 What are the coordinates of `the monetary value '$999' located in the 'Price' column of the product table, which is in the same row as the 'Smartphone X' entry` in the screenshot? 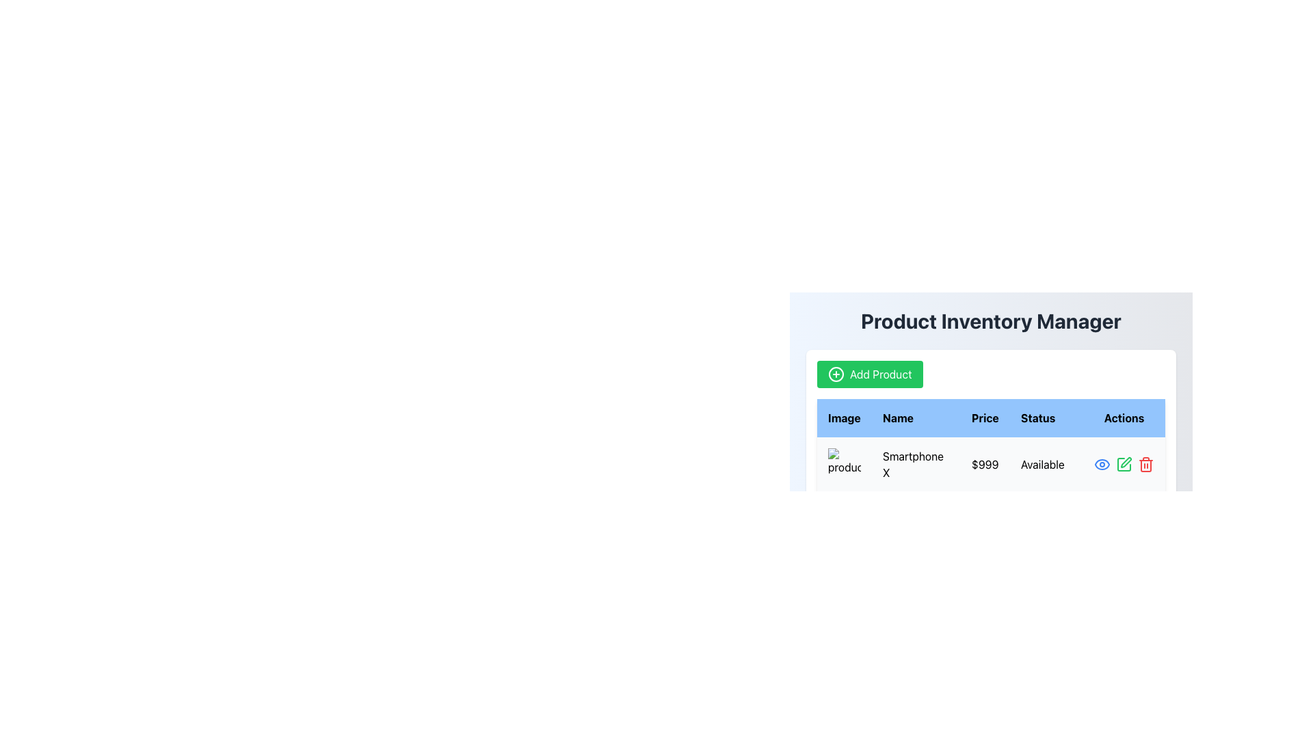 It's located at (985, 463).